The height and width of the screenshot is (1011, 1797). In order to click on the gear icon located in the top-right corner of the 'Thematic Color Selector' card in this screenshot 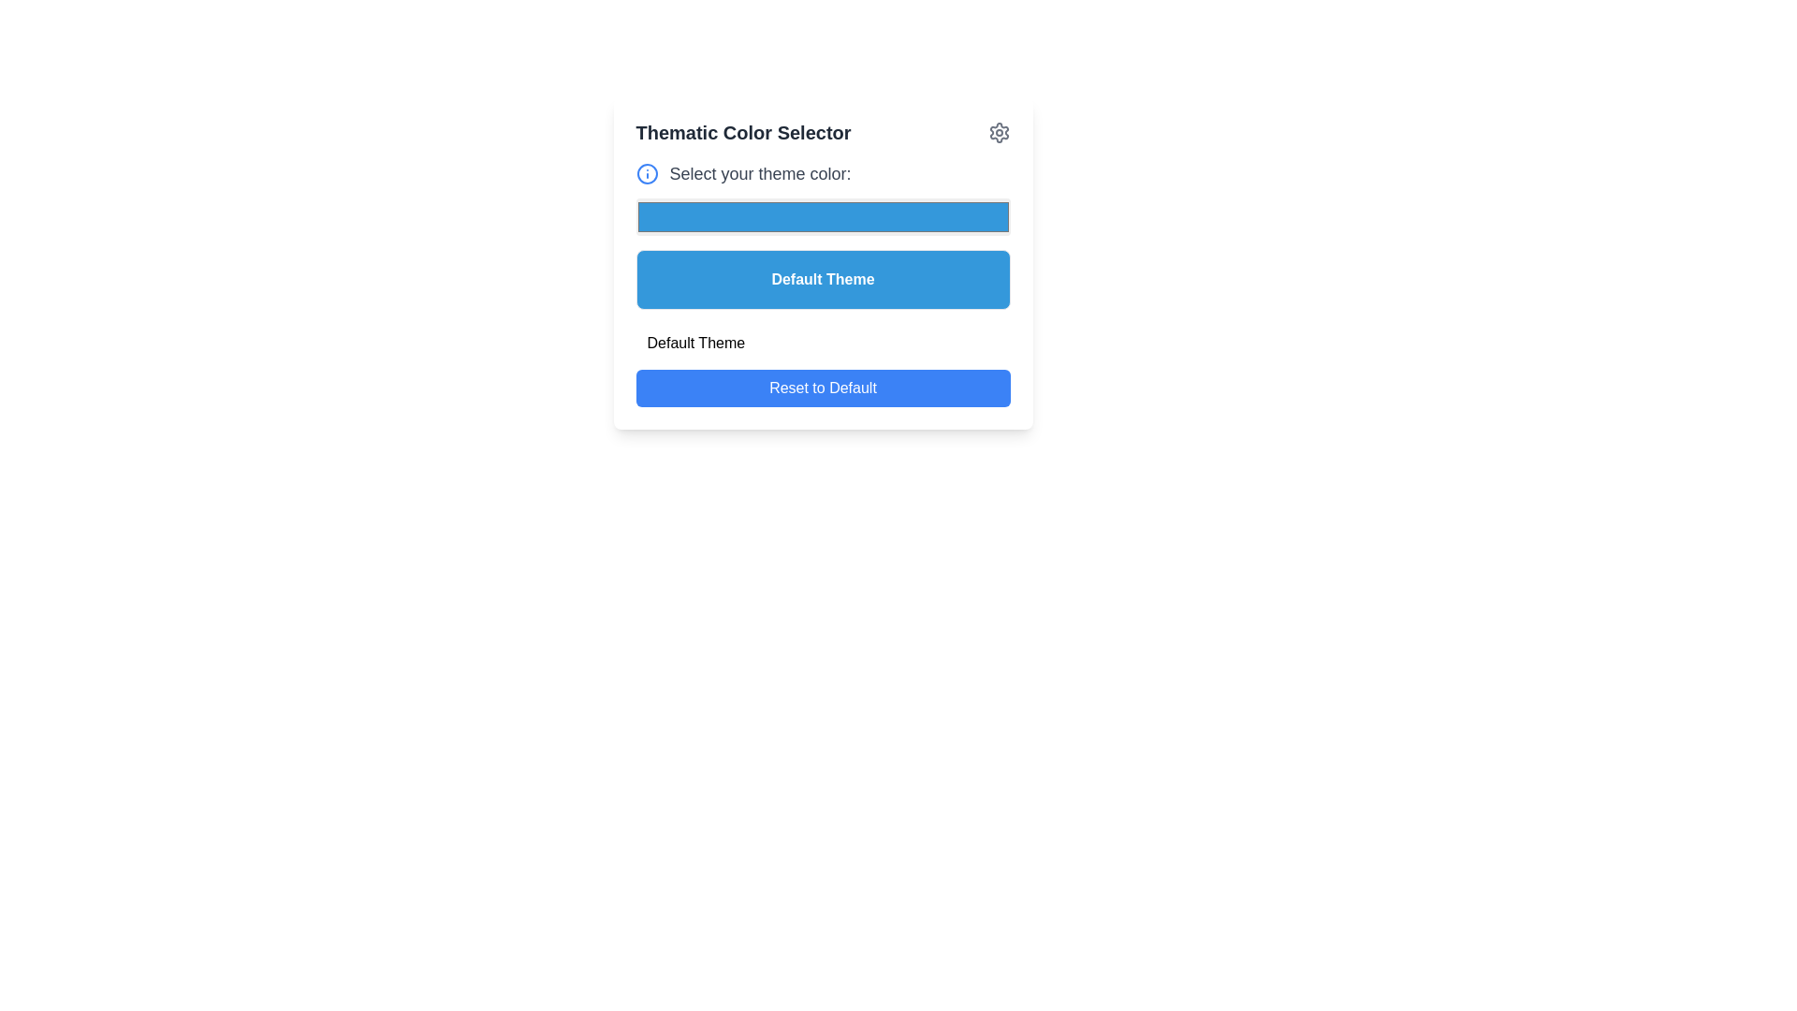, I will do `click(998, 132)`.